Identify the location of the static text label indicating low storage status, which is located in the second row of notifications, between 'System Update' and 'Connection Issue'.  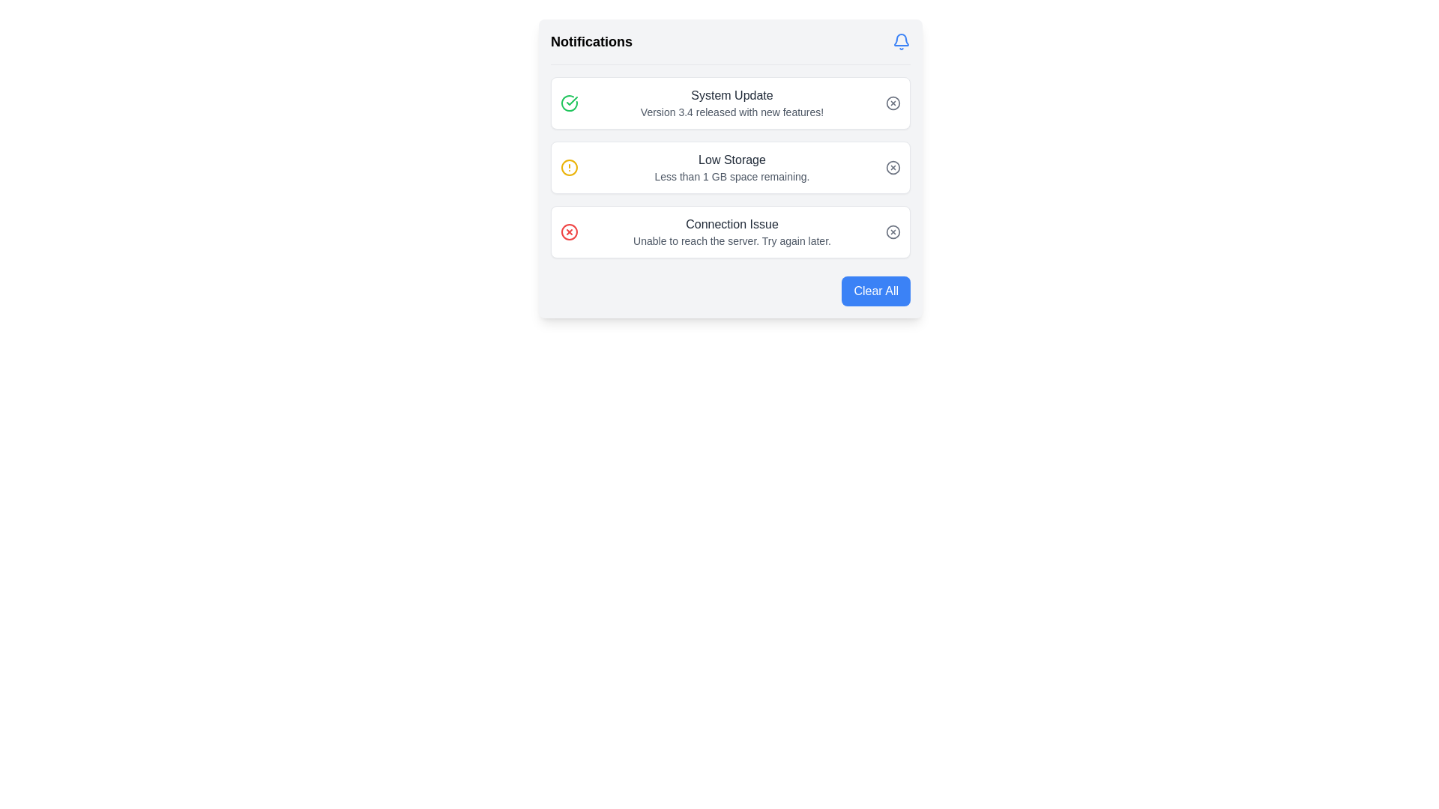
(732, 160).